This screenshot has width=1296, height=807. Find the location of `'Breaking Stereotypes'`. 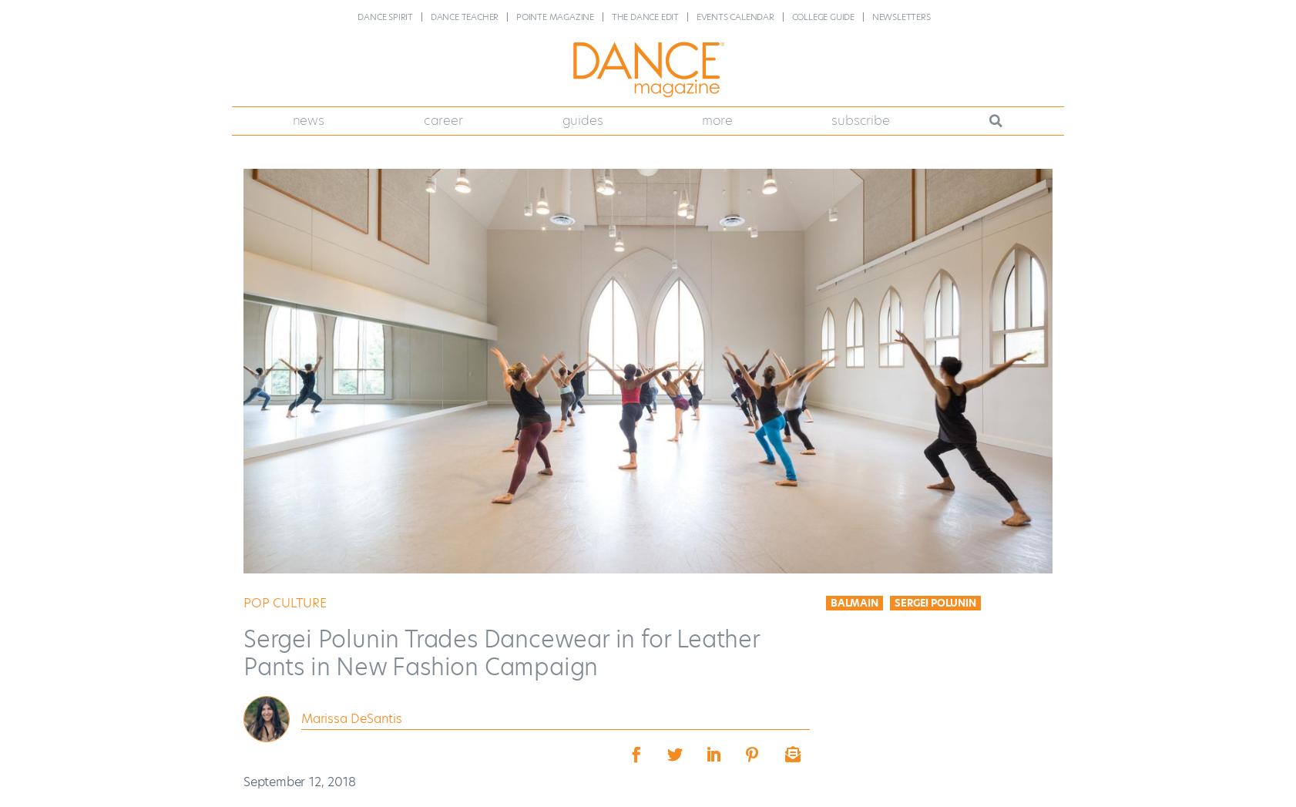

'Breaking Stereotypes' is located at coordinates (341, 291).